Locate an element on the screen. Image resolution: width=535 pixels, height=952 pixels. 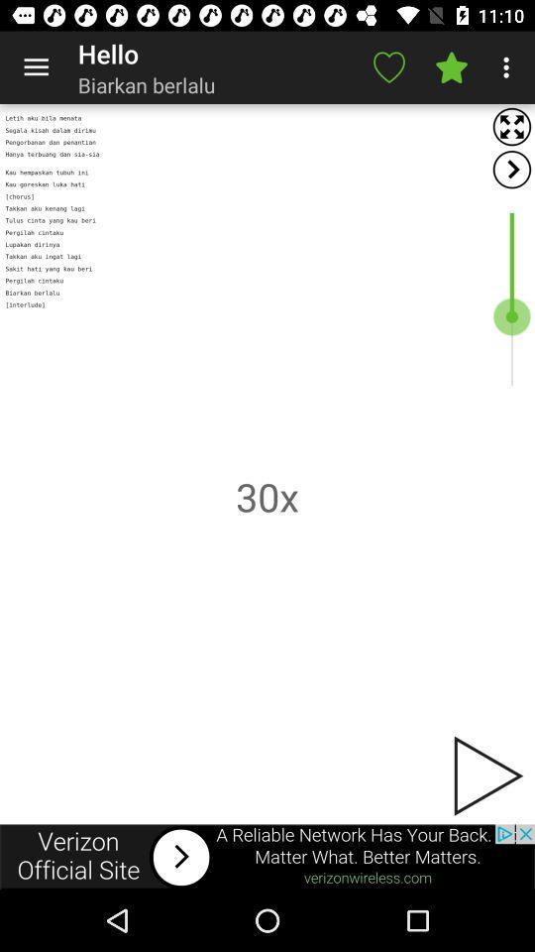
full screen is located at coordinates (511, 126).